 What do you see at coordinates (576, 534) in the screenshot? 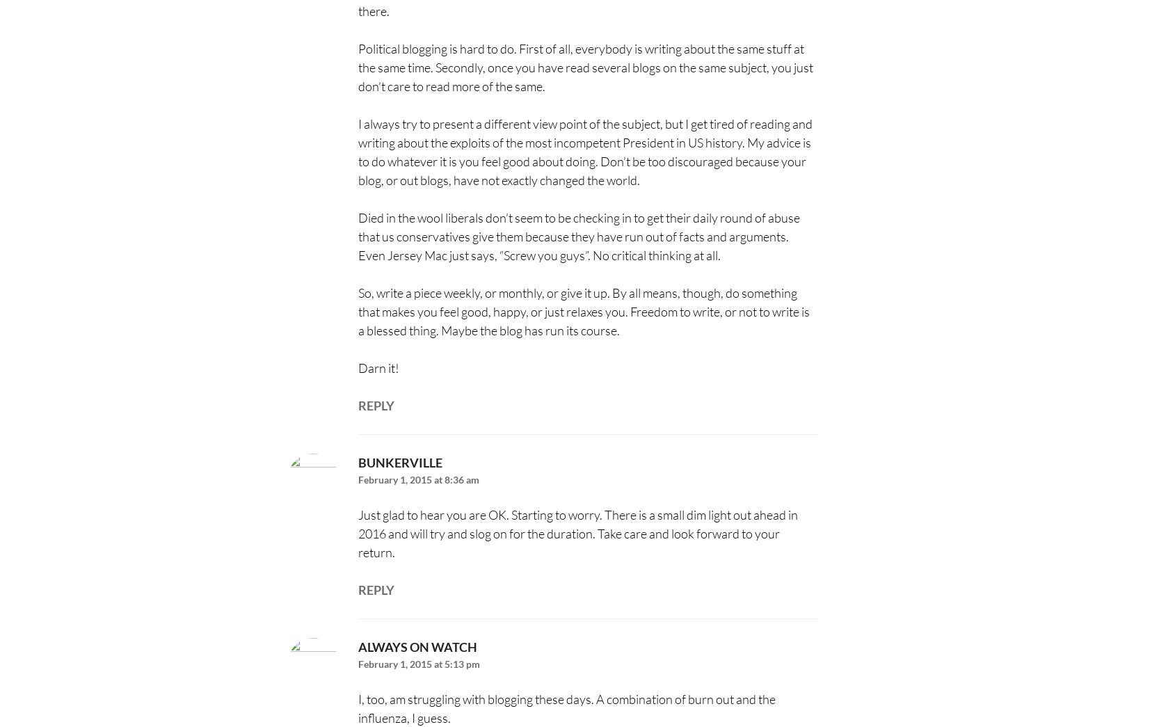
I see `'Just glad to hear you are OK. Starting to worry. There is a small dim light out ahead in 2016 and will try and slog on for the duration. Take care and look forward to your return.'` at bounding box center [576, 534].